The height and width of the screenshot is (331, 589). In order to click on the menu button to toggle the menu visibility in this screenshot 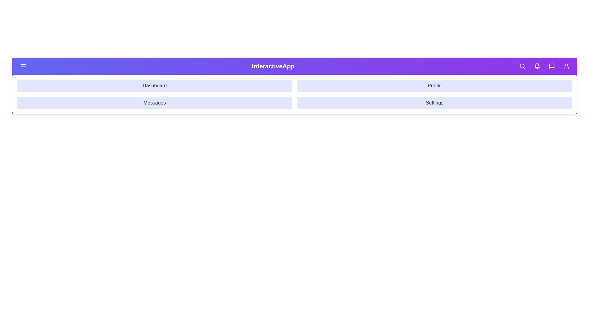, I will do `click(23, 66)`.